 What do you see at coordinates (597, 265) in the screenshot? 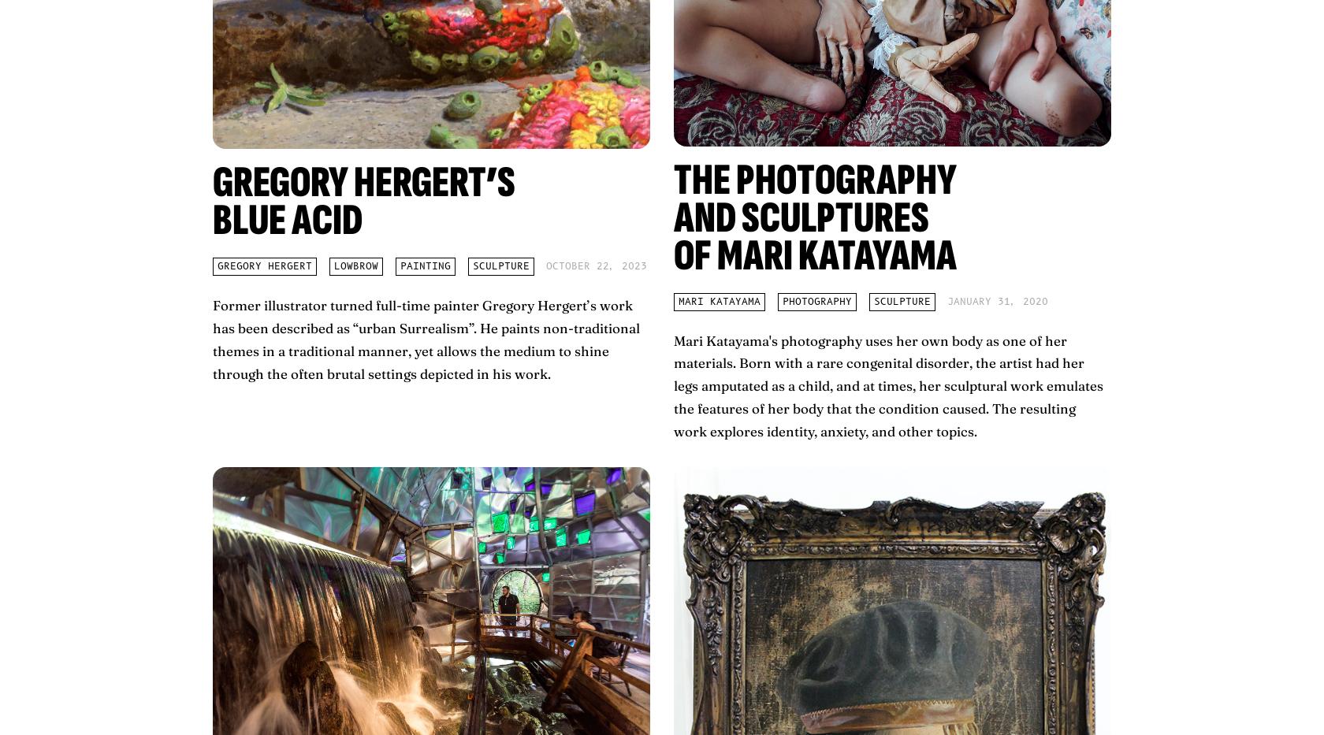
I see `'October 22, 2023'` at bounding box center [597, 265].